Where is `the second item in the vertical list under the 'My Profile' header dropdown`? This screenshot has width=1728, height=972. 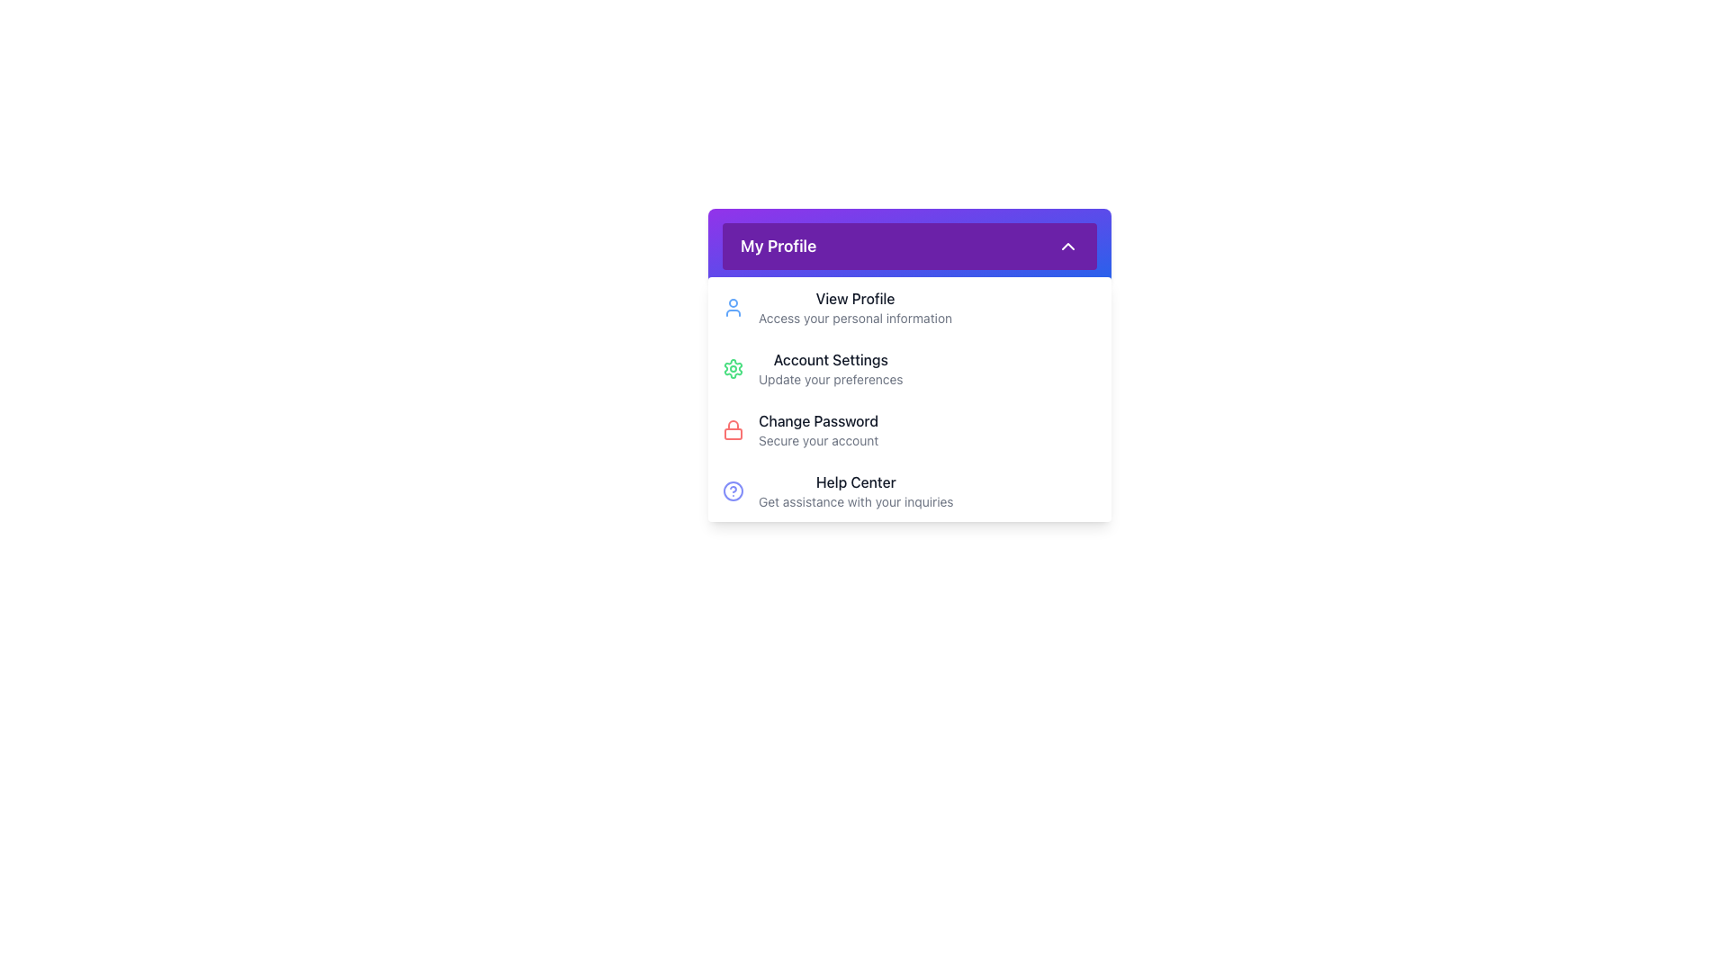 the second item in the vertical list under the 'My Profile' header dropdown is located at coordinates (829, 367).